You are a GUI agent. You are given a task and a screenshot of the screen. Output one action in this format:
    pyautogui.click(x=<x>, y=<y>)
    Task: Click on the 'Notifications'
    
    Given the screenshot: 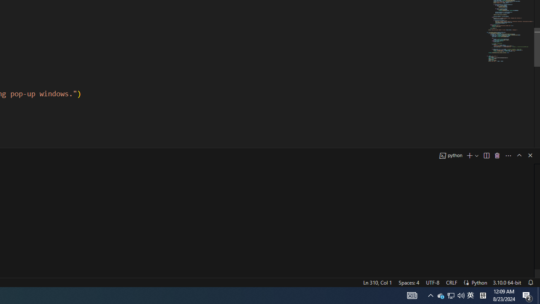 What is the action you would take?
    pyautogui.click(x=530, y=282)
    